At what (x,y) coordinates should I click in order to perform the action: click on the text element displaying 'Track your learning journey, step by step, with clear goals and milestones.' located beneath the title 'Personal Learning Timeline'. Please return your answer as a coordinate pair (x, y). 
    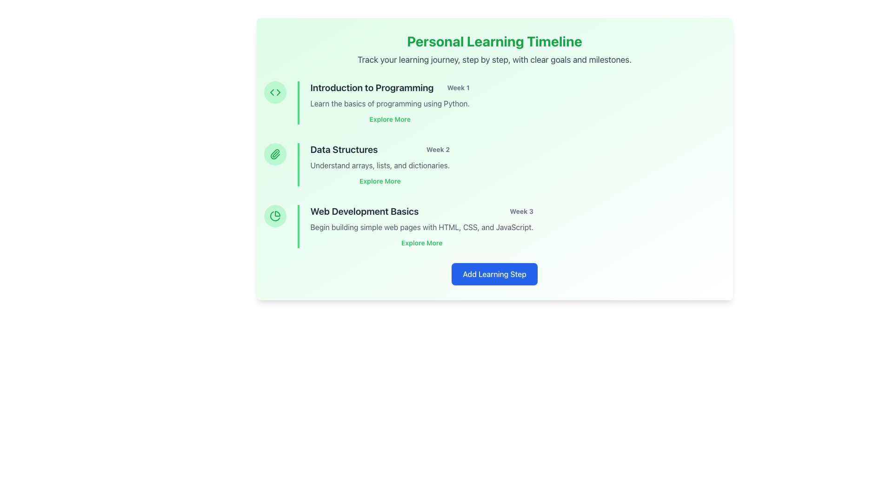
    Looking at the image, I should click on (494, 59).